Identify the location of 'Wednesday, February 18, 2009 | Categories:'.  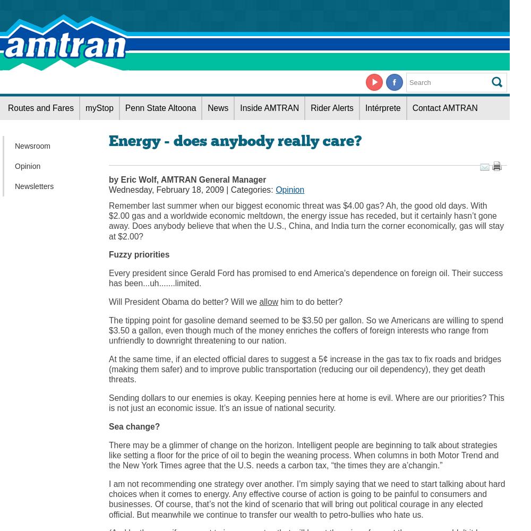
(190, 189).